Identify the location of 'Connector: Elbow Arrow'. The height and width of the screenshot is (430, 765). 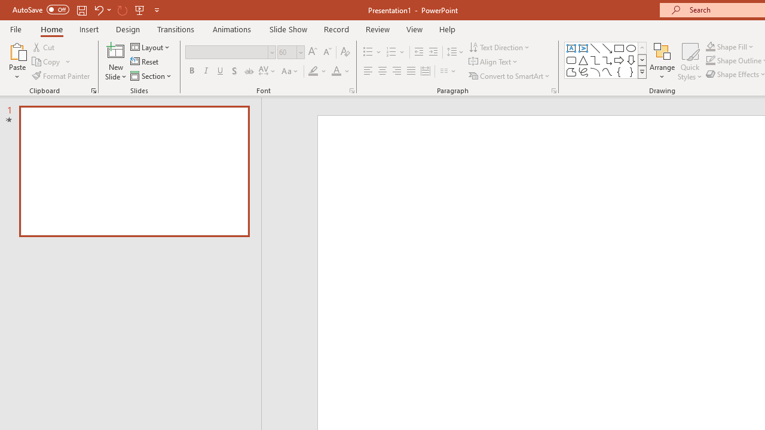
(607, 60).